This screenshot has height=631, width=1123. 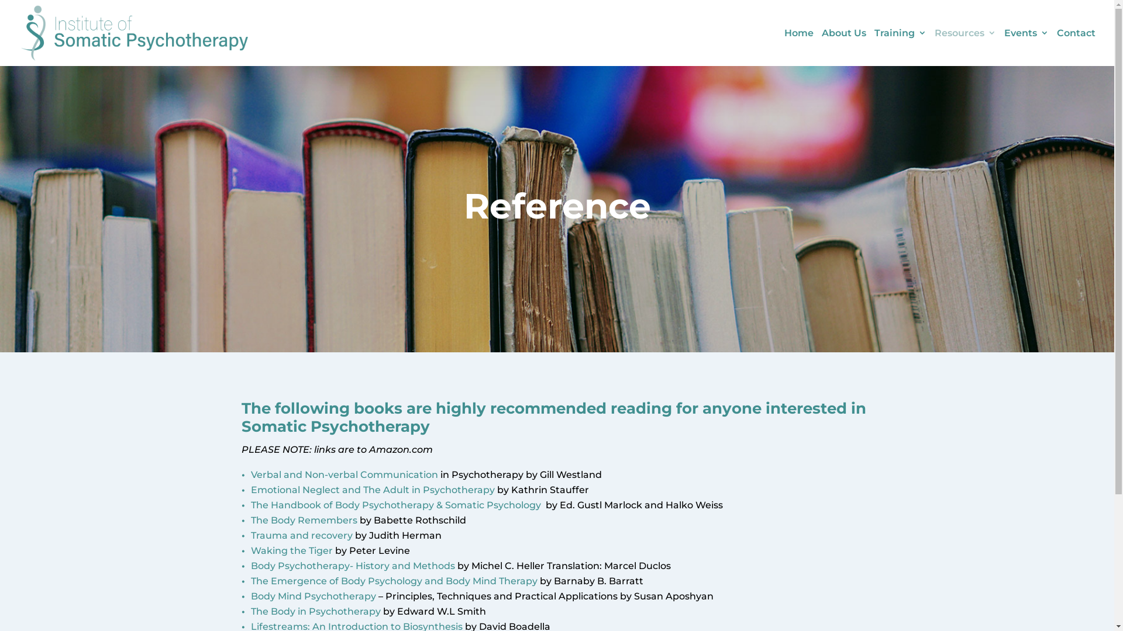 I want to click on 'About Us', so click(x=844, y=47).